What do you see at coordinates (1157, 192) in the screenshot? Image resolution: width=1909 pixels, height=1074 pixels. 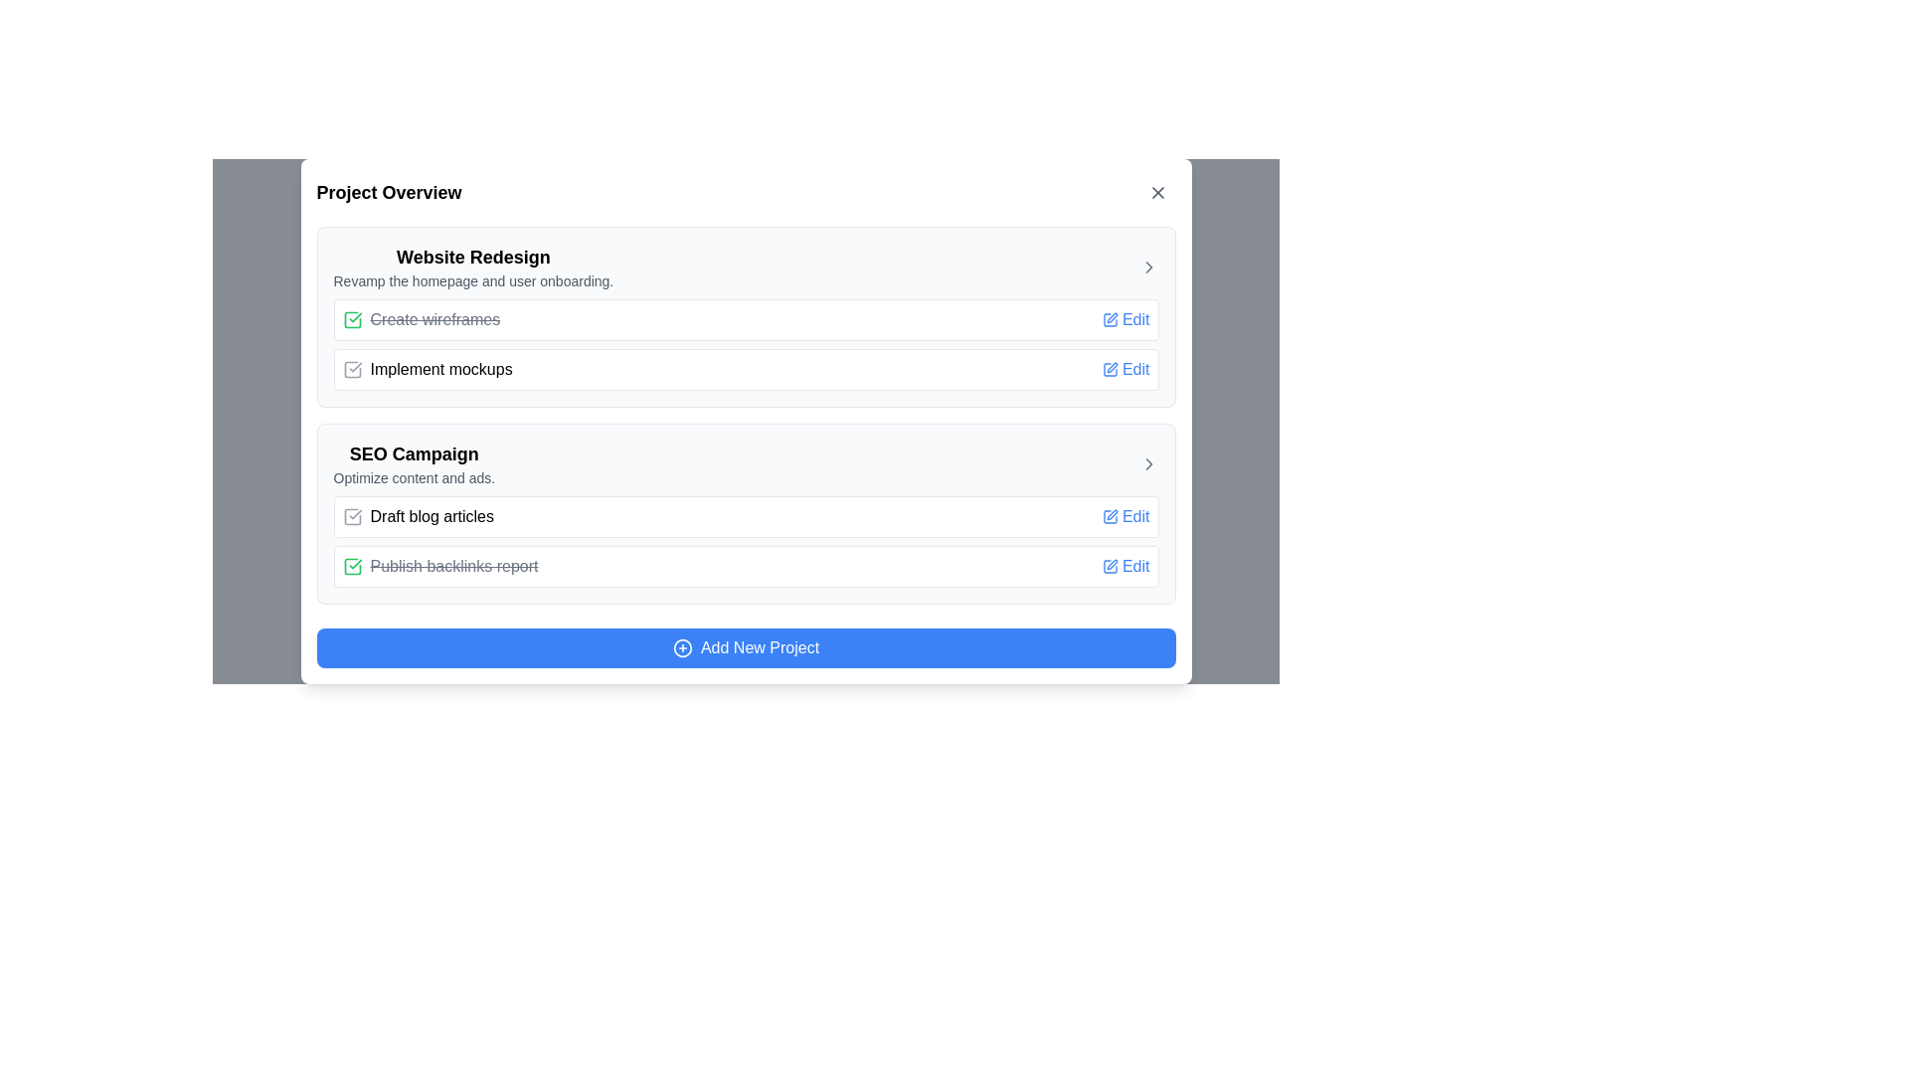 I see `the close button located in the top-right corner of the 'Project Overview' modal` at bounding box center [1157, 192].